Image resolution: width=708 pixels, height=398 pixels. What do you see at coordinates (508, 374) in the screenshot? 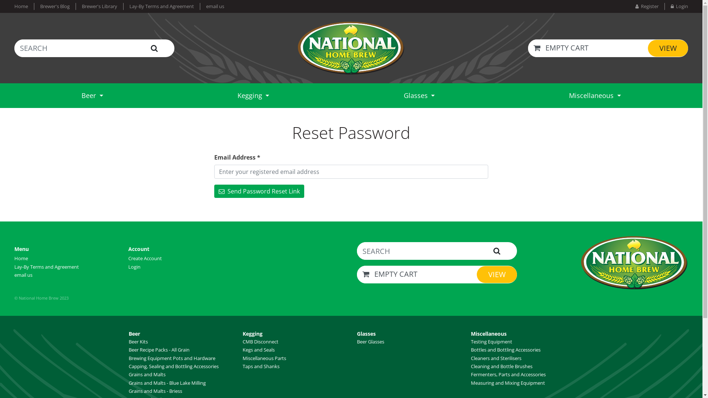
I see `'Fermenters, Parts and Accessories'` at bounding box center [508, 374].